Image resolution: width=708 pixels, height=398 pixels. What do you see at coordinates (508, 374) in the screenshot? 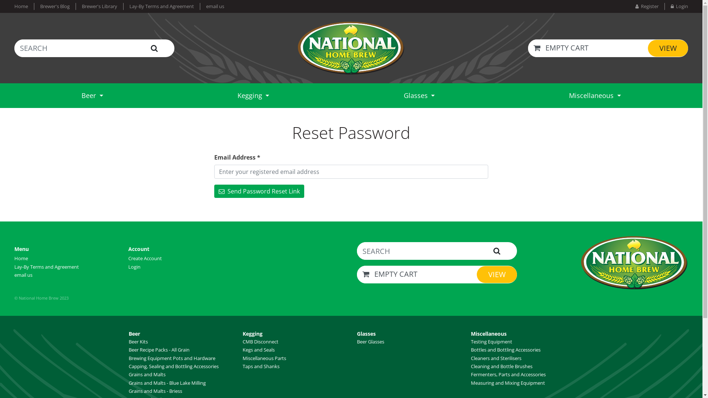
I see `'Fermenters, Parts and Accessories'` at bounding box center [508, 374].